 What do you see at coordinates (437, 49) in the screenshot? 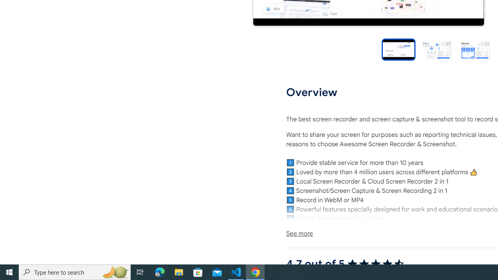
I see `'Preview slide 2'` at bounding box center [437, 49].